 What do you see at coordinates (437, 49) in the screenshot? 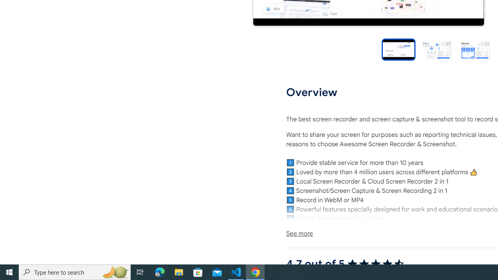
I see `'Preview slide 2'` at bounding box center [437, 49].